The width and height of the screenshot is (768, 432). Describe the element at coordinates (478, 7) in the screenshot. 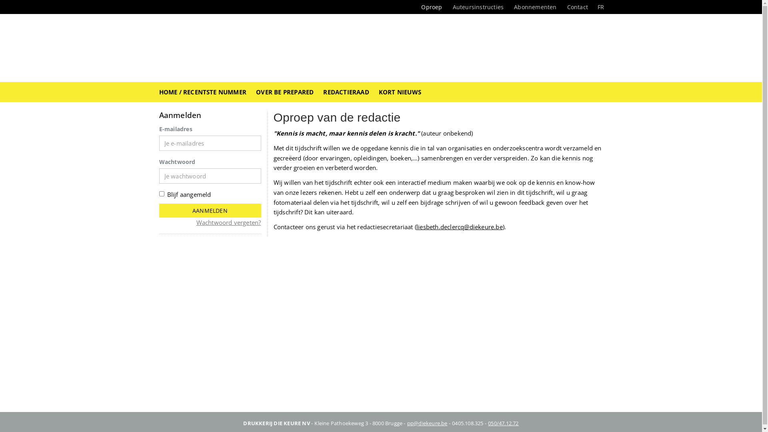

I see `'Auteursinstructies'` at that location.